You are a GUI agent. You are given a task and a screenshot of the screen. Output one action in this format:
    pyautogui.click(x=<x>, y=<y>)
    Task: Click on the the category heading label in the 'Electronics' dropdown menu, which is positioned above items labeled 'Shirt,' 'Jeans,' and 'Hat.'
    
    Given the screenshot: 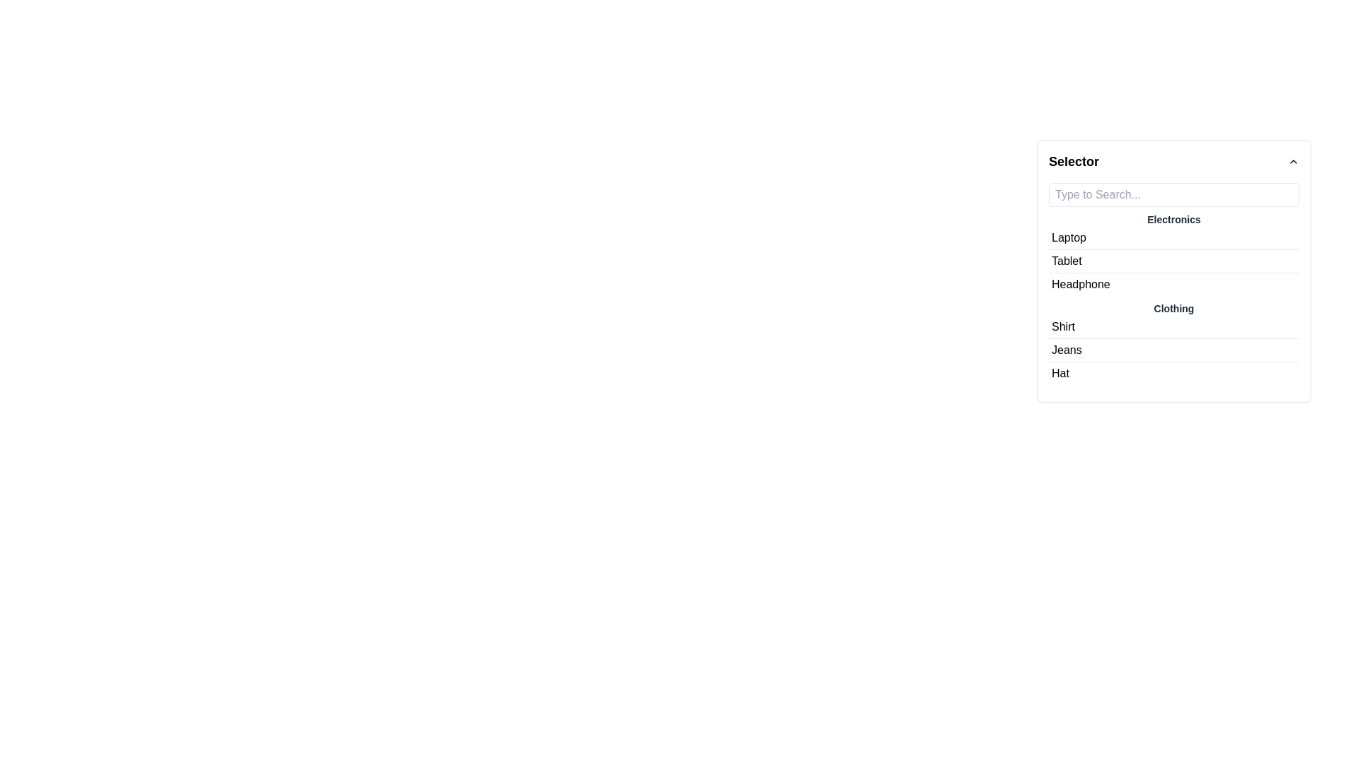 What is the action you would take?
    pyautogui.click(x=1174, y=307)
    